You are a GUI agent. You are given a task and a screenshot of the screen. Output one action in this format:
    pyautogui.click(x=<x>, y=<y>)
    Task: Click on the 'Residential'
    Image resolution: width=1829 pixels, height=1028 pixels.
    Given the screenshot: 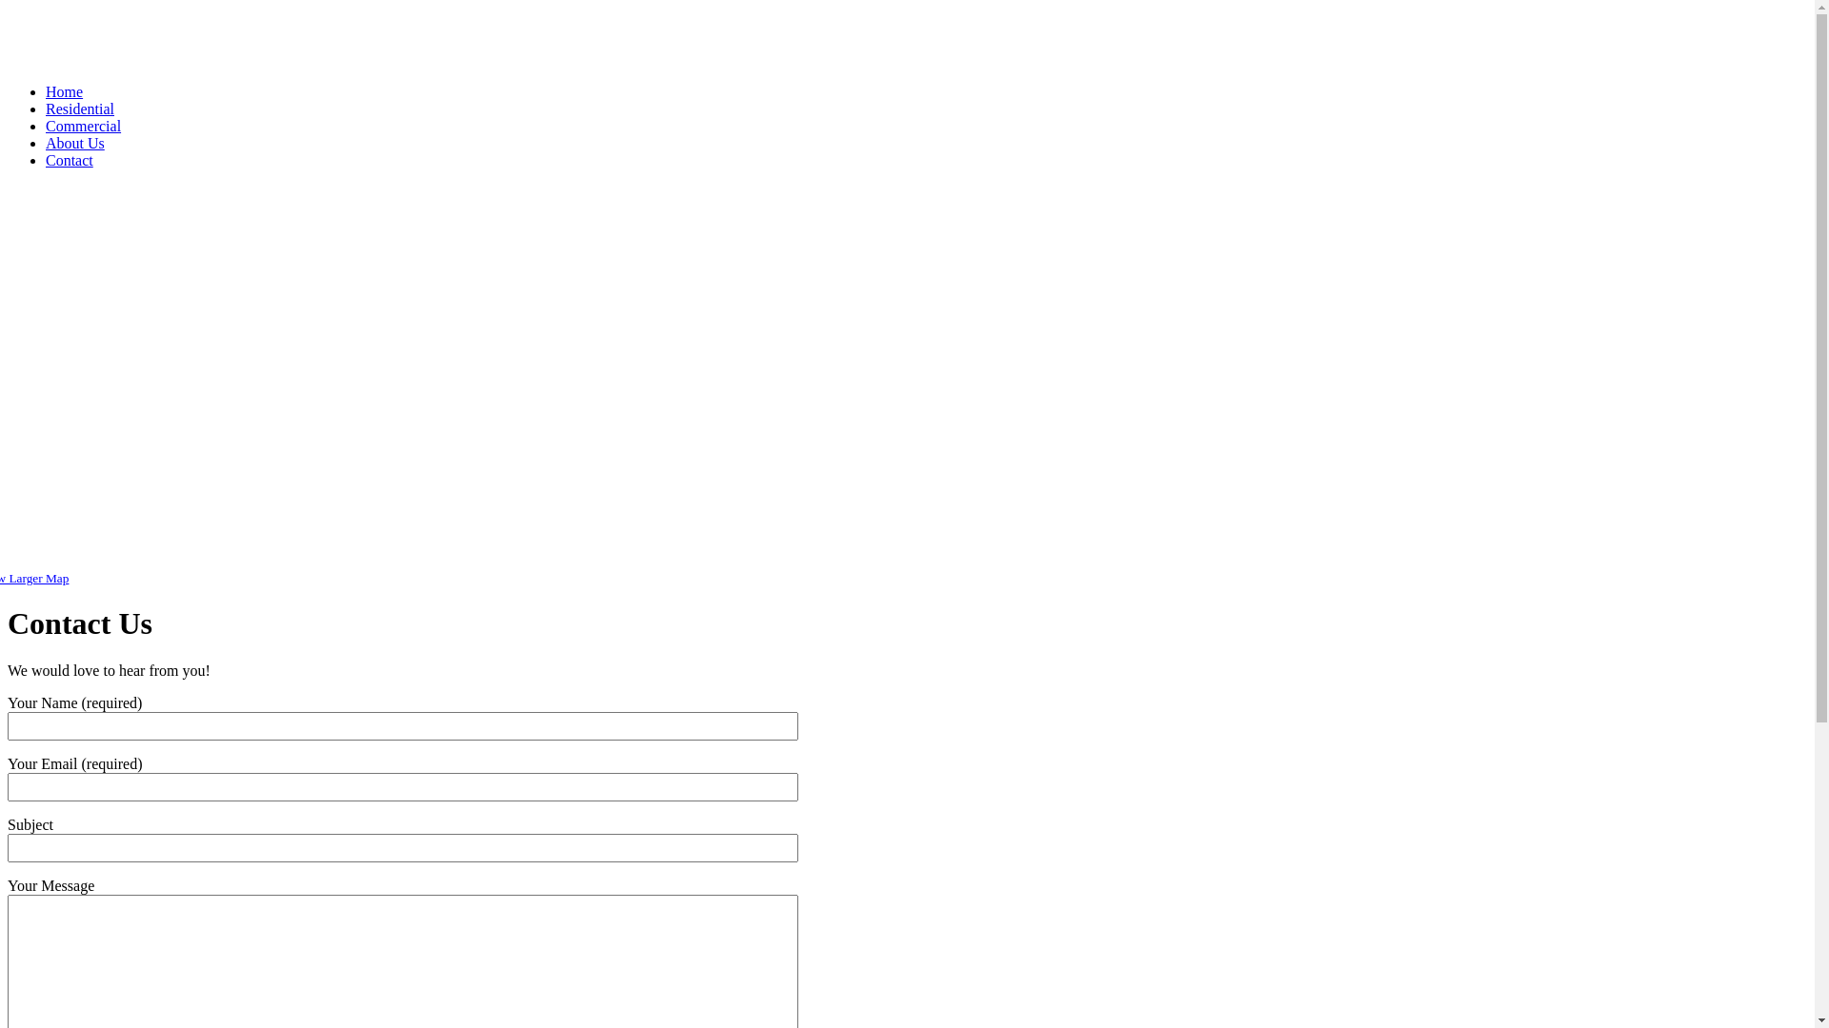 What is the action you would take?
    pyautogui.click(x=78, y=109)
    